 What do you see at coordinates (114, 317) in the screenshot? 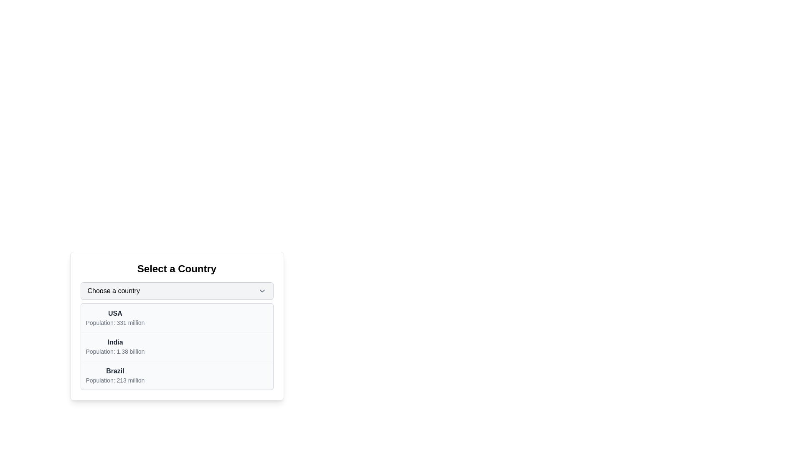
I see `the topmost list item displaying the country name 'USA'` at bounding box center [114, 317].